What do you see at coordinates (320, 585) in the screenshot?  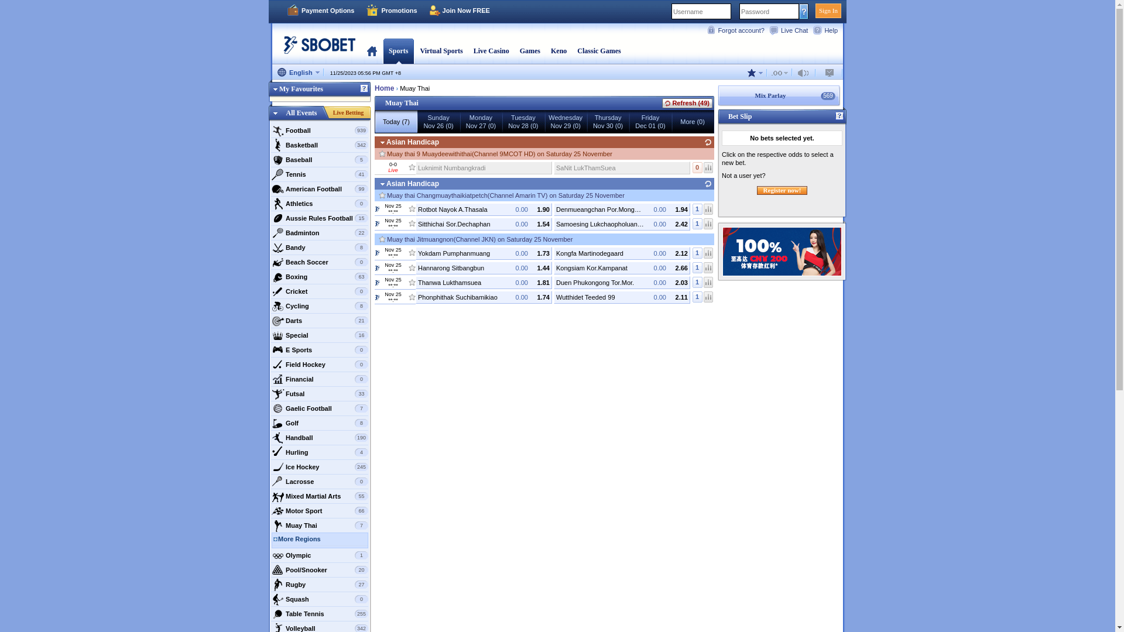 I see `'Rugby` at bounding box center [320, 585].